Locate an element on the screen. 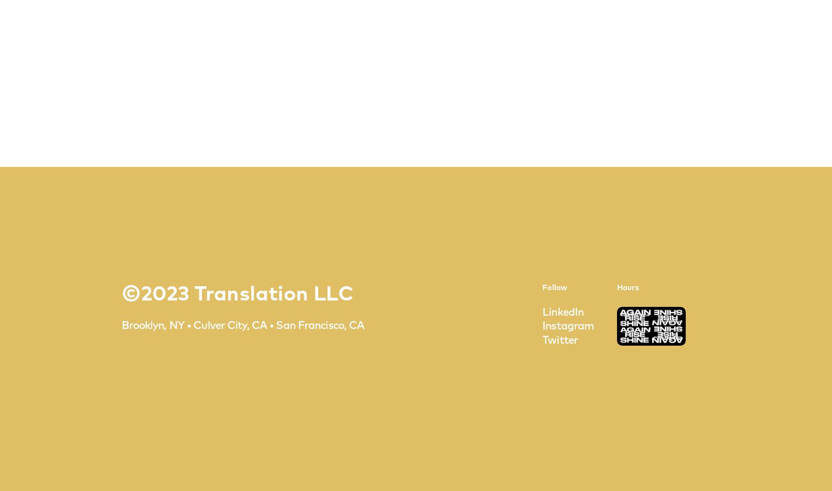 This screenshot has width=832, height=491. '©2023 Translation LLC' is located at coordinates (120, 294).